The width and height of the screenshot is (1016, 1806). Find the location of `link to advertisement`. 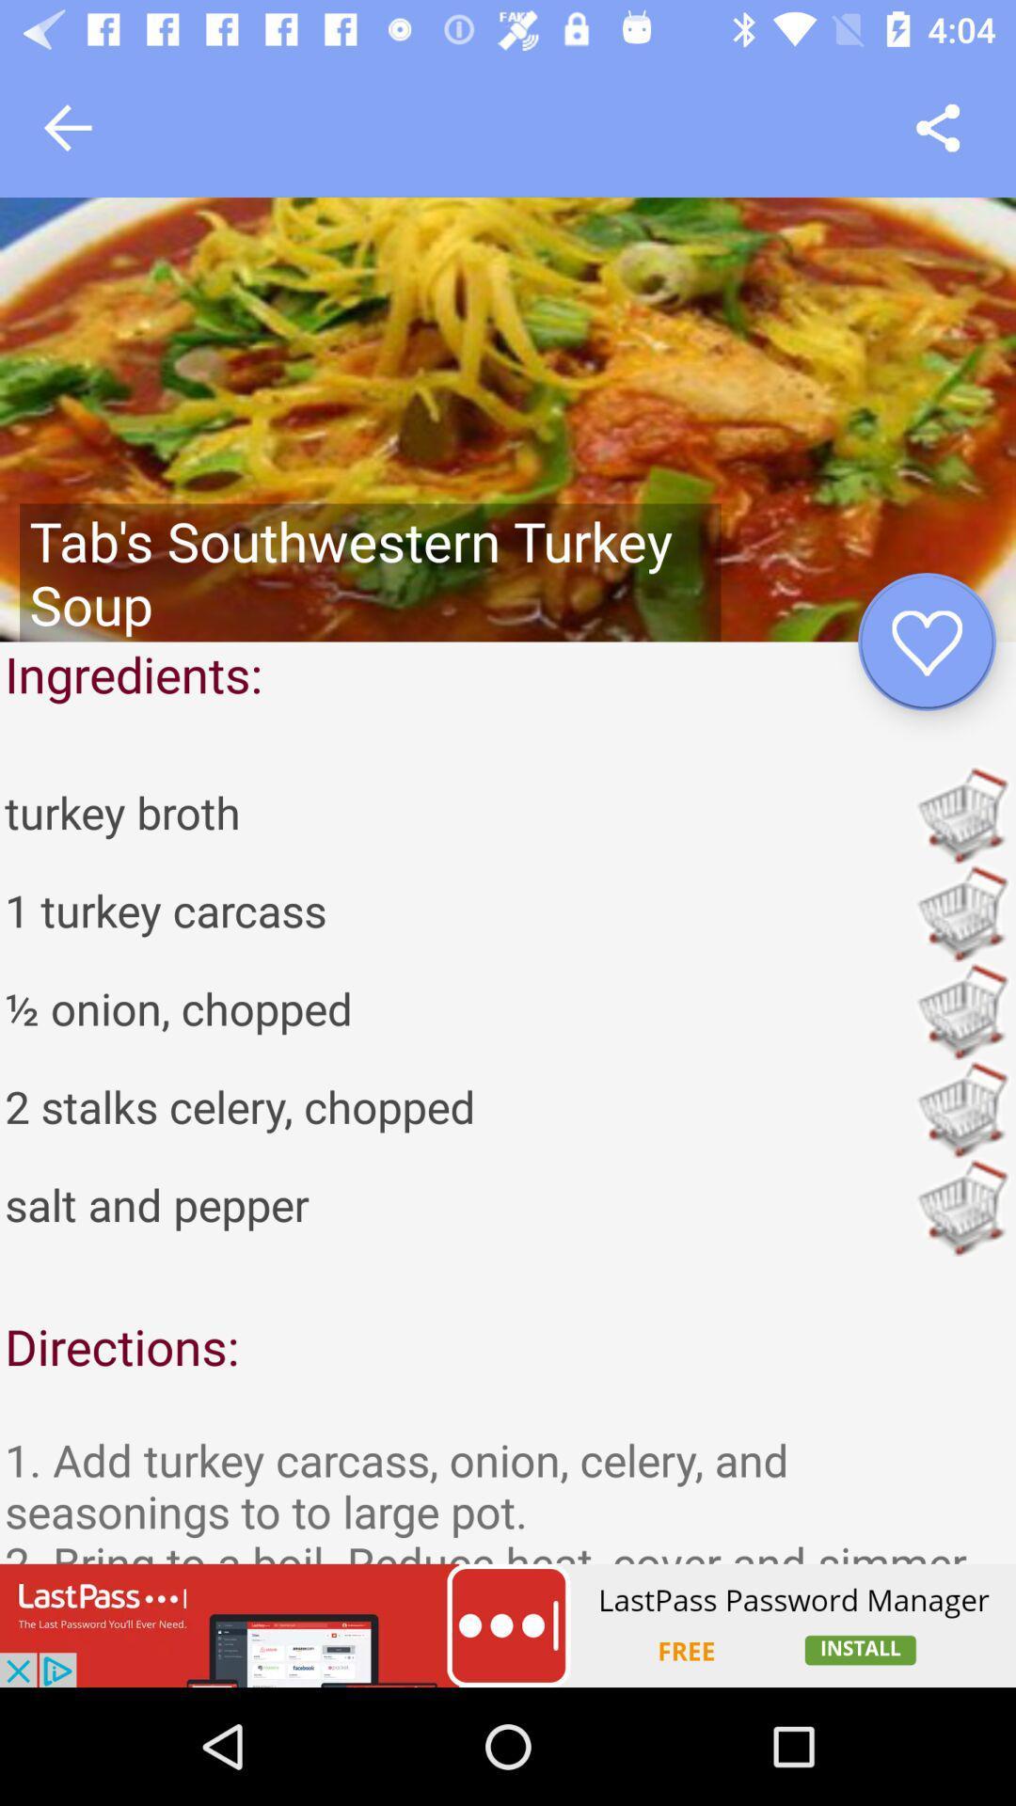

link to advertisement is located at coordinates (508, 1624).